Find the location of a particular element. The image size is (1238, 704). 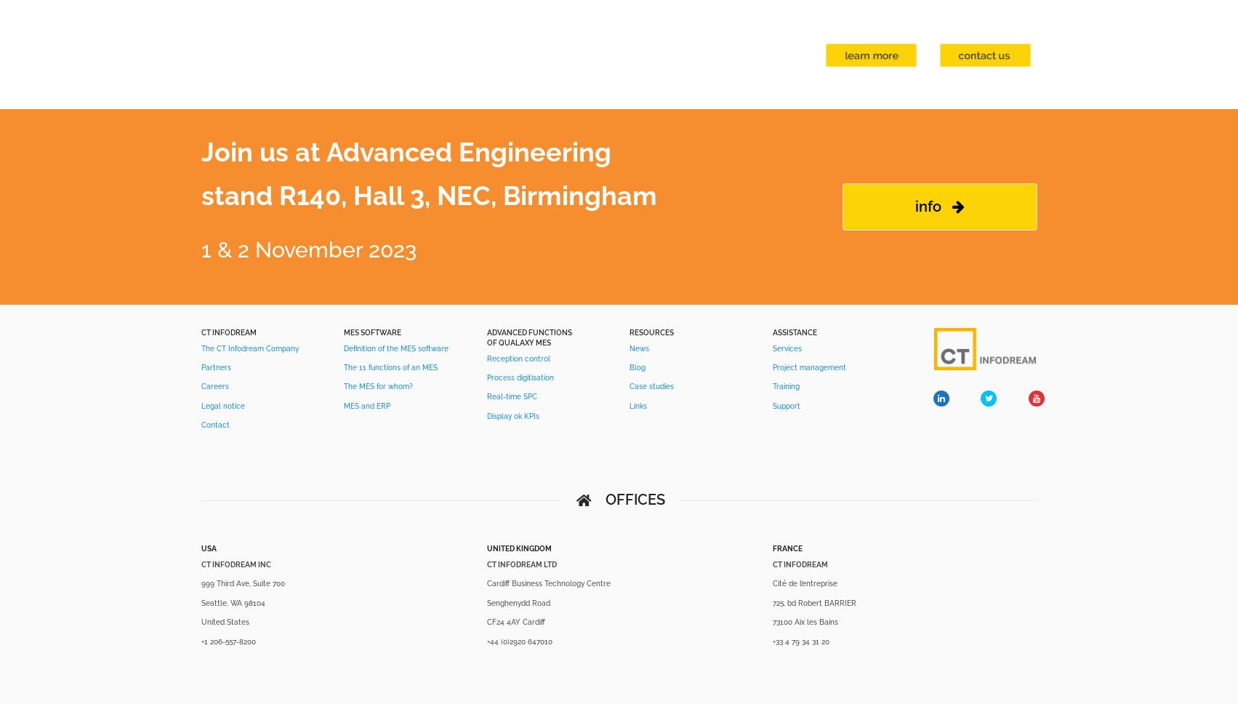

'Join us at Advanced Engineering' is located at coordinates (405, 151).